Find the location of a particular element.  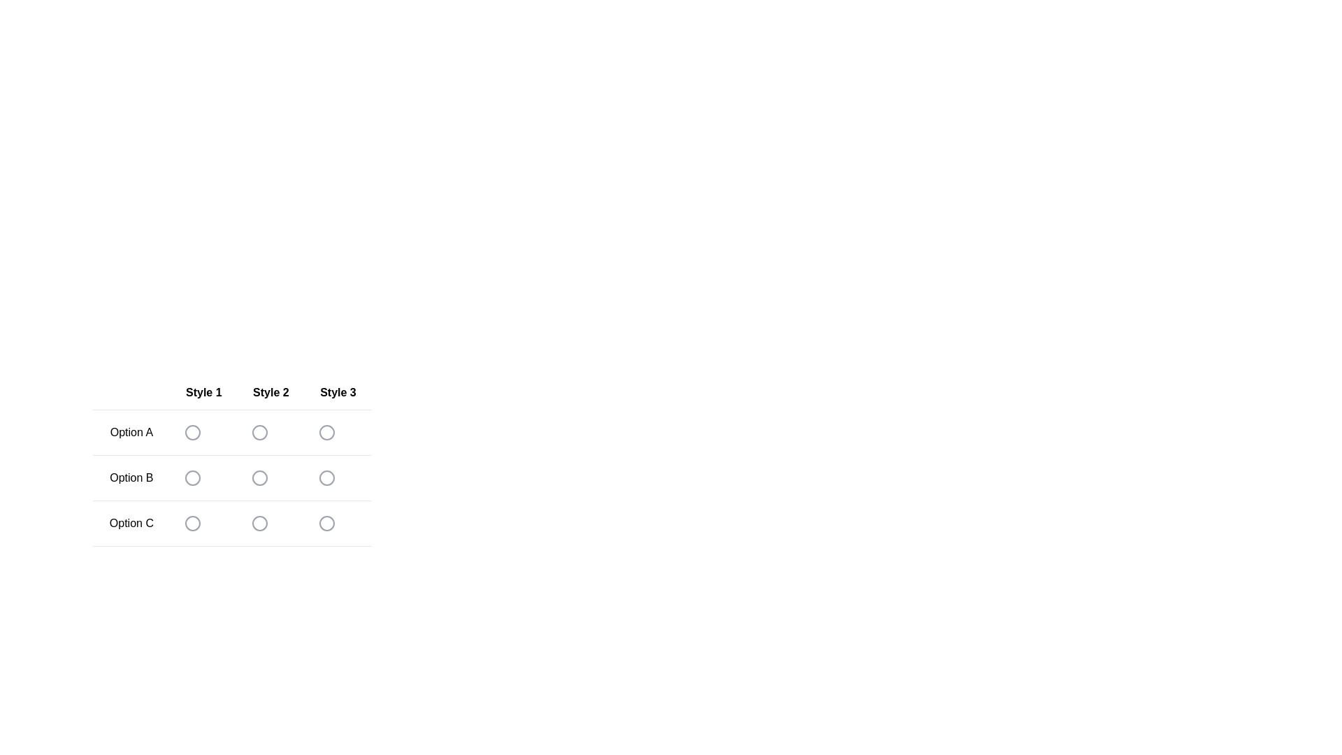

the radio button located in the second row and the first column of the grid is located at coordinates (232, 461).